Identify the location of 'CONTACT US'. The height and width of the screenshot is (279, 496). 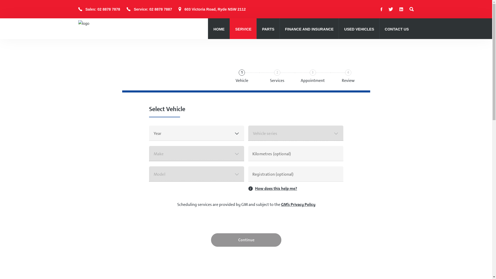
(396, 29).